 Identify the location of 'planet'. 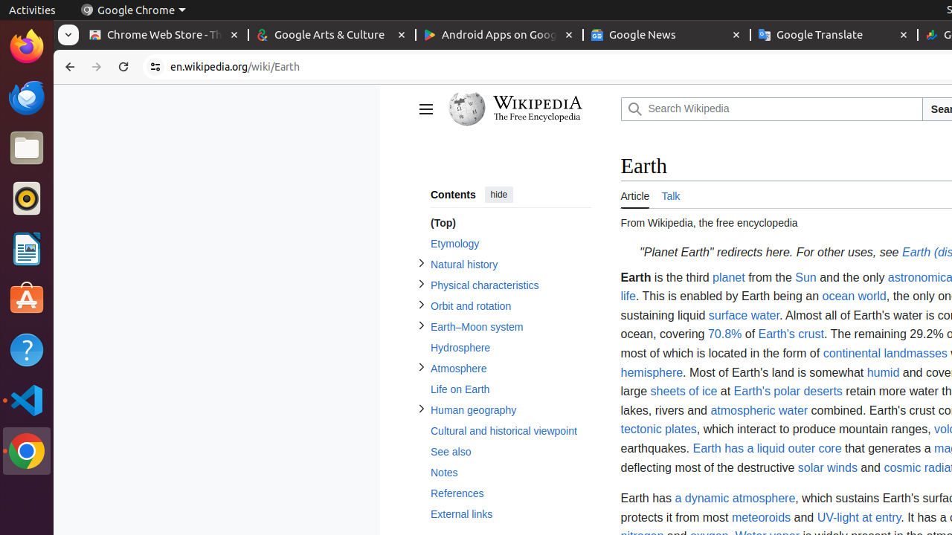
(728, 277).